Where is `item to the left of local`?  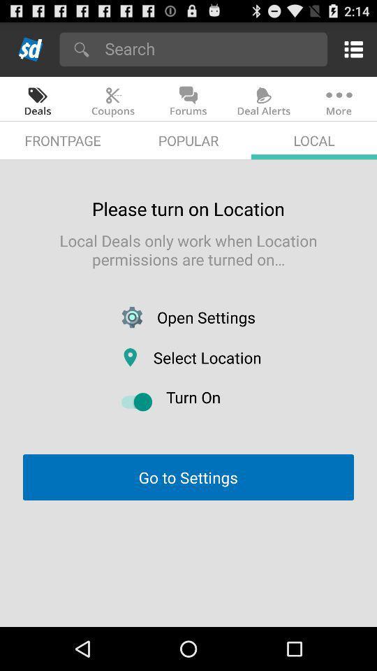 item to the left of local is located at coordinates (188, 140).